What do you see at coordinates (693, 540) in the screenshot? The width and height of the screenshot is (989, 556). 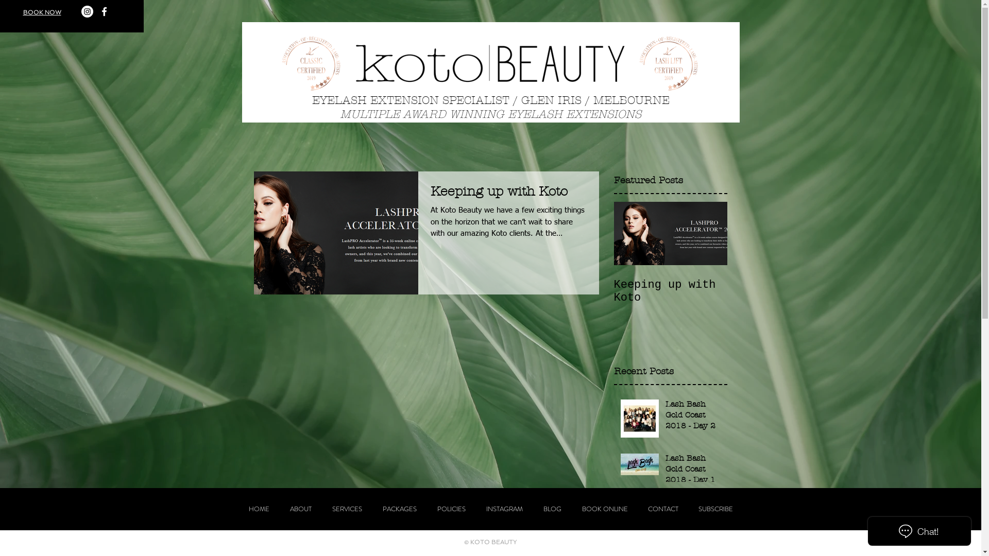 I see `'Keeping up with Koto'` at bounding box center [693, 540].